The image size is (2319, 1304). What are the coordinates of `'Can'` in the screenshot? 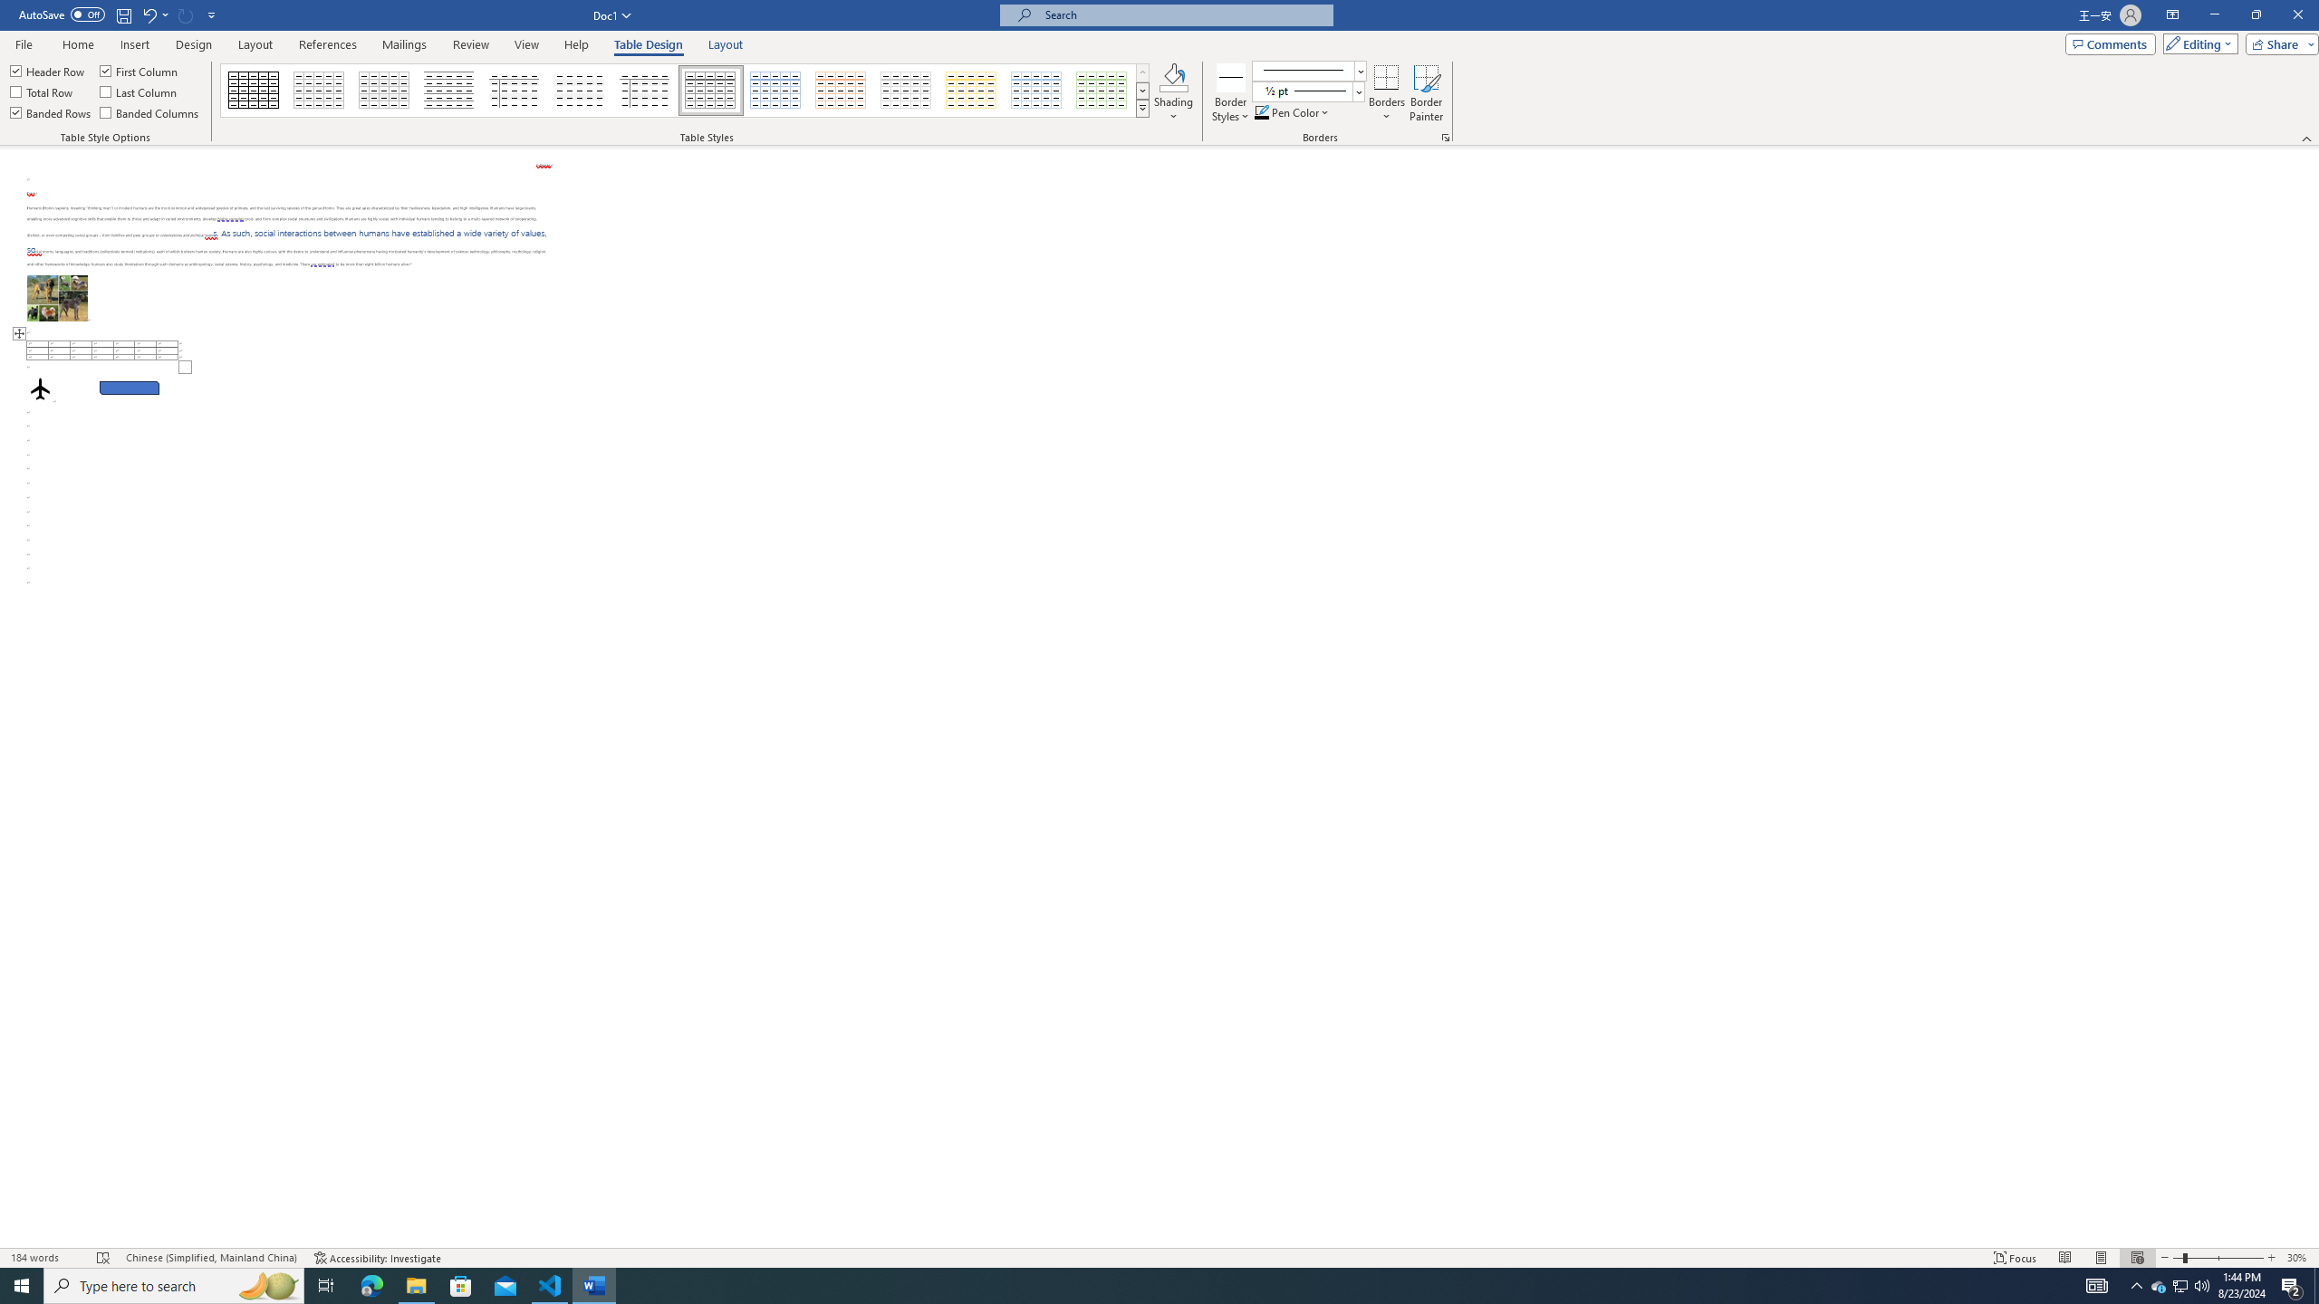 It's located at (186, 14).